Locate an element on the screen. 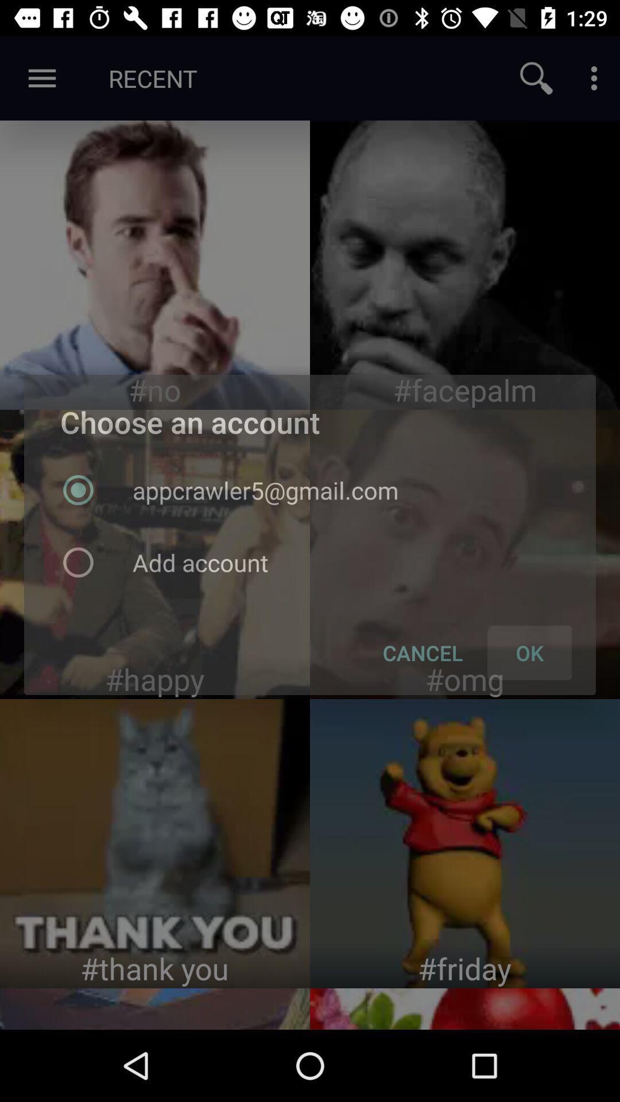 This screenshot has height=1102, width=620. image is located at coordinates (465, 264).